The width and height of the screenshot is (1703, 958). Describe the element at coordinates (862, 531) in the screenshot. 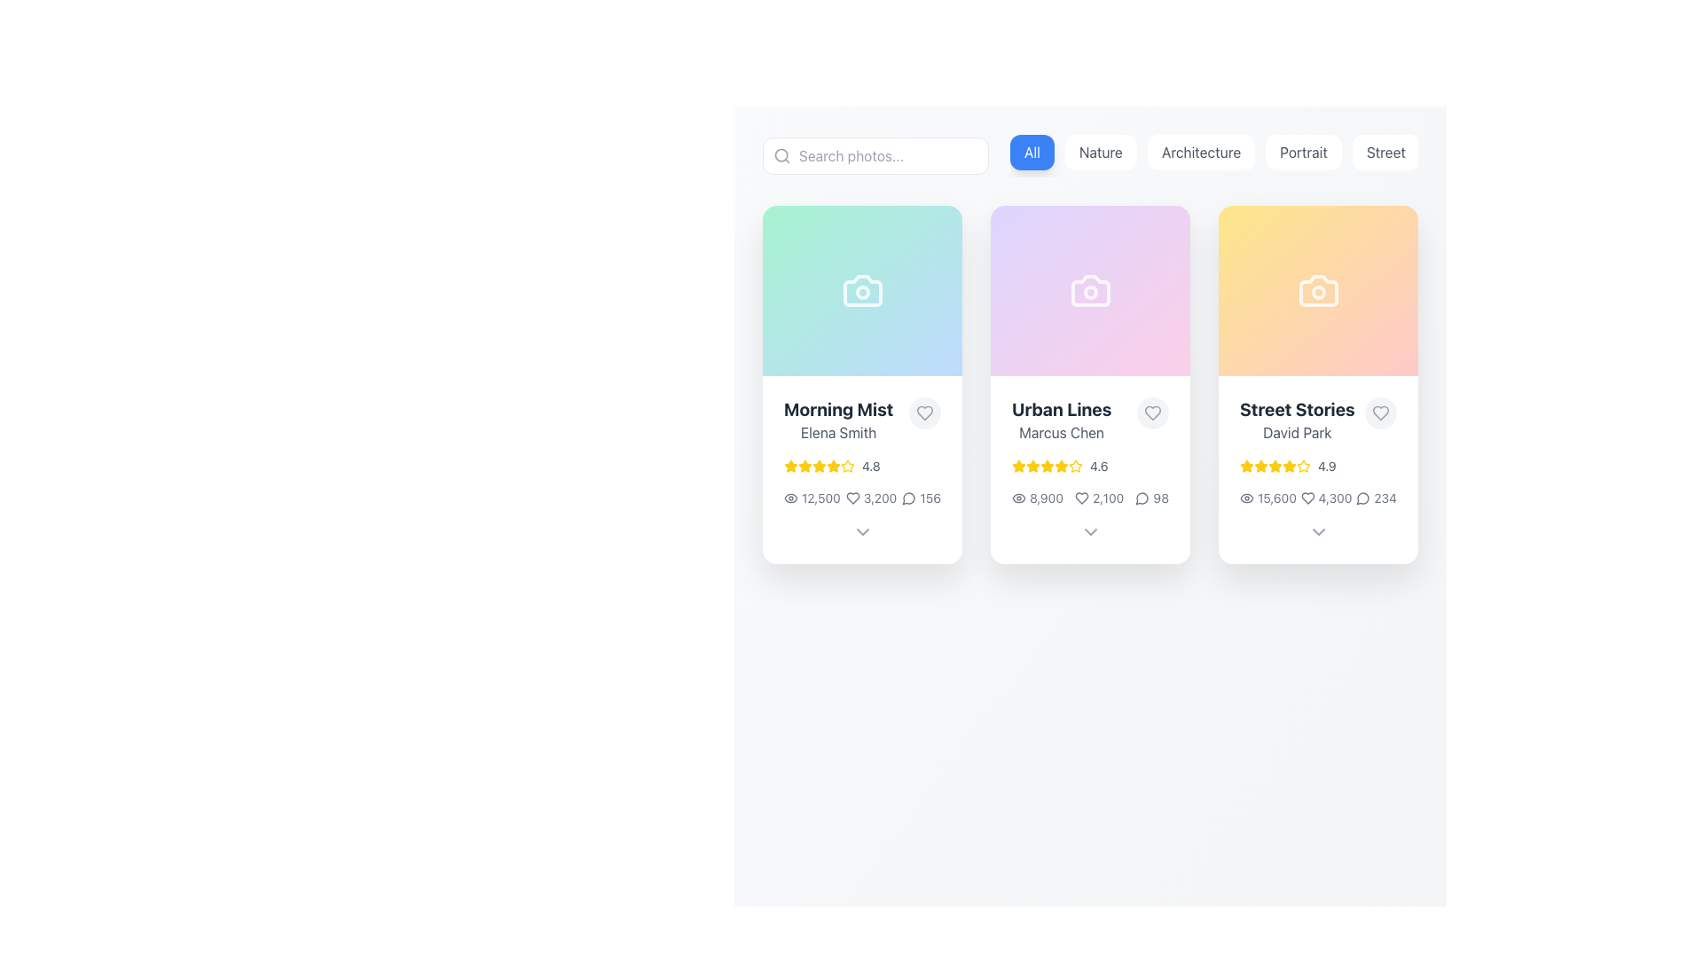

I see `the icon button located at the bottom center of the 'Morning Mist' card` at that location.